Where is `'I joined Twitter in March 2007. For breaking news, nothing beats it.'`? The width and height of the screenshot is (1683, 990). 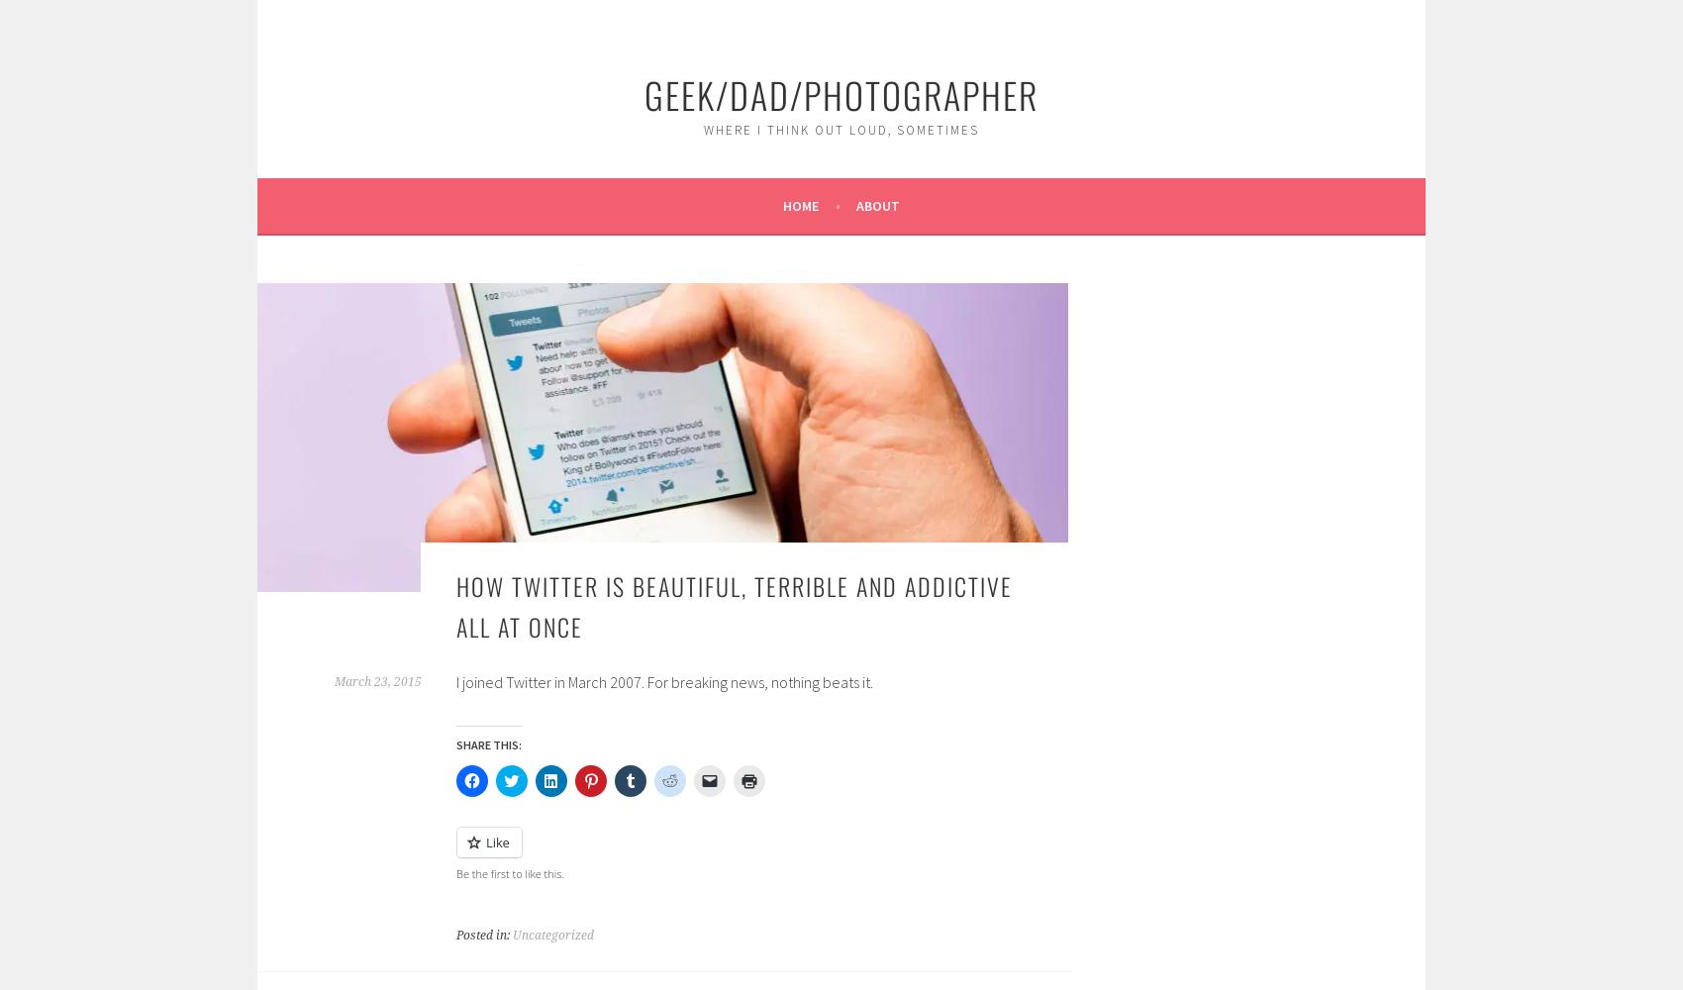 'I joined Twitter in March 2007. For breaking news, nothing beats it.' is located at coordinates (664, 681).